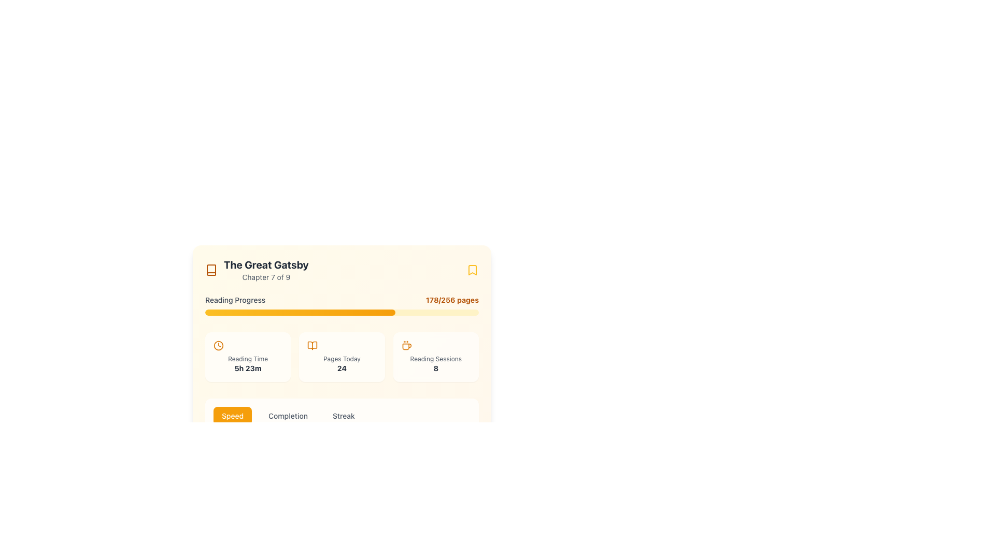 Image resolution: width=995 pixels, height=559 pixels. Describe the element at coordinates (342, 368) in the screenshot. I see `the Text display element that shows the number of pages read today, located within the 'Pages Today' card in the middle section of the layout` at that location.